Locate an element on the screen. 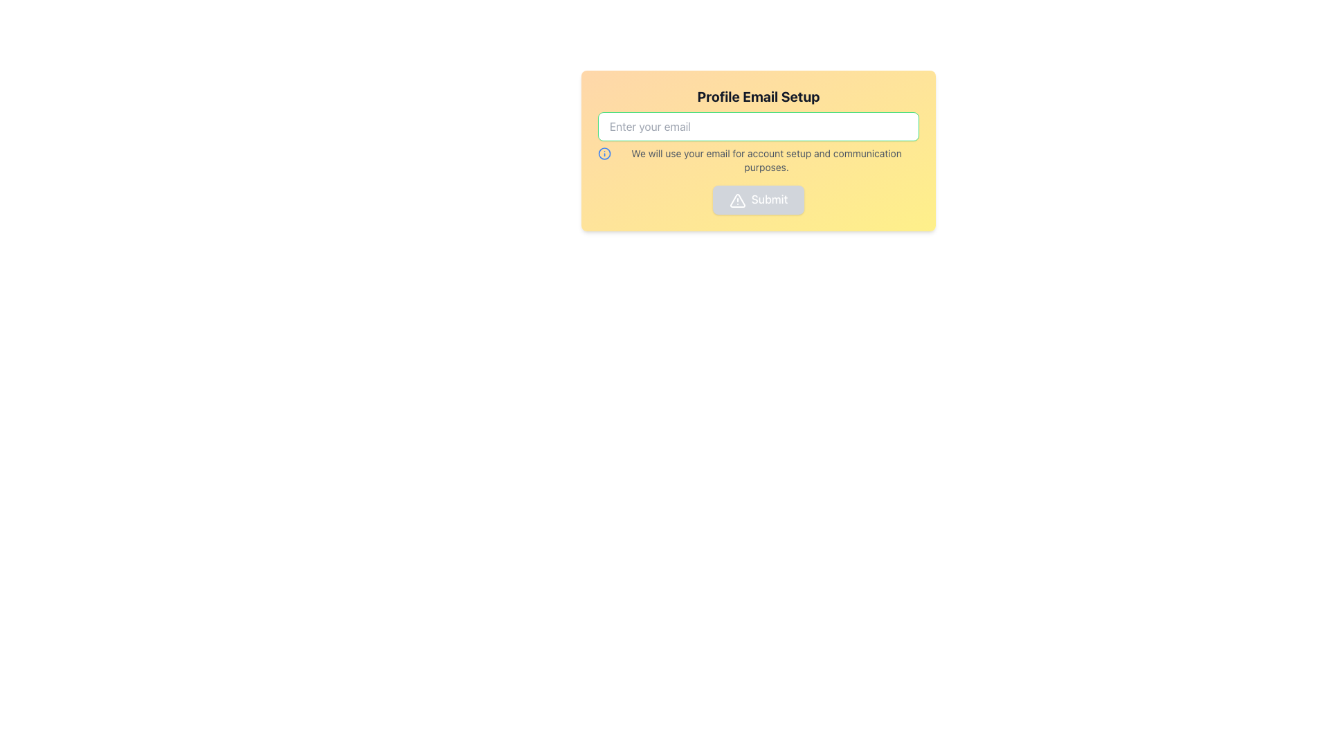  the alert icon located inside the disabled 'Submit' button in the 'Profile Email Setup' section, which indicates a non-clickable state is located at coordinates (736, 200).